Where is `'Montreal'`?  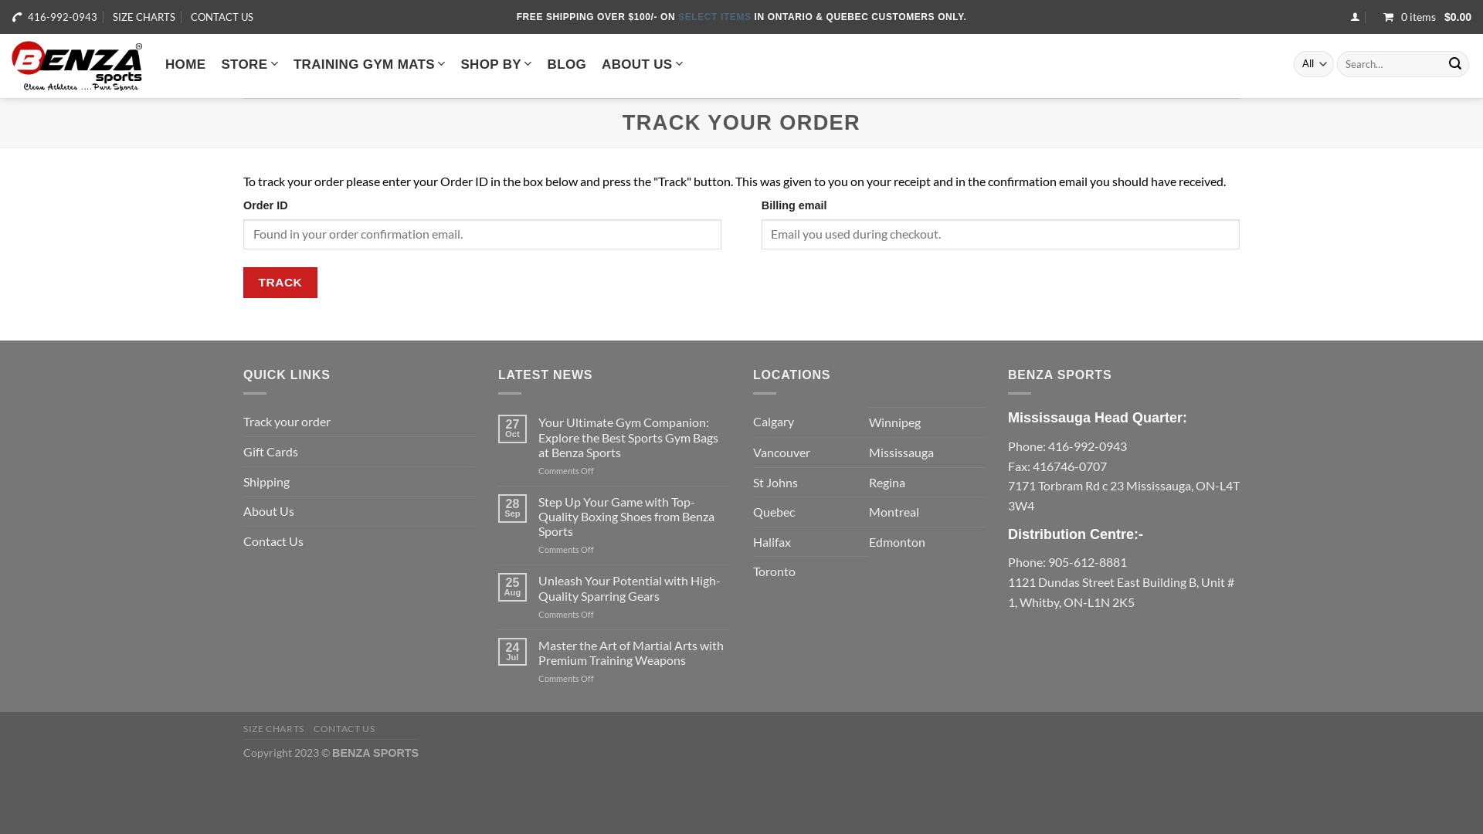
'Montreal' is located at coordinates (894, 512).